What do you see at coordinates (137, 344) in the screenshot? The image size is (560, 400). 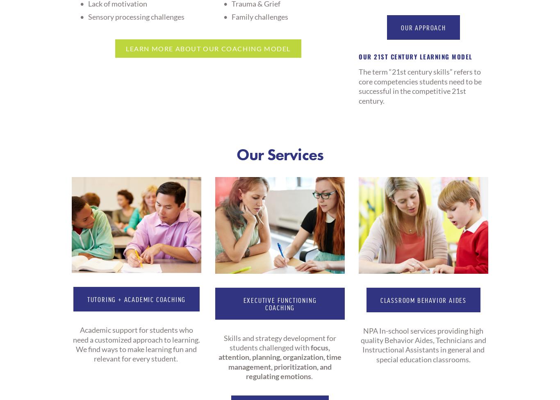 I see `'Academic support for students who need a customized approach to learning. We find ways to make learning fun and relevant for every student.'` at bounding box center [137, 344].